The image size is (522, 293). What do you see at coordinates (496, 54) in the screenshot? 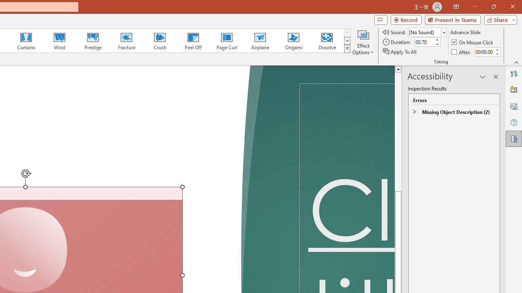
I see `'Less'` at bounding box center [496, 54].